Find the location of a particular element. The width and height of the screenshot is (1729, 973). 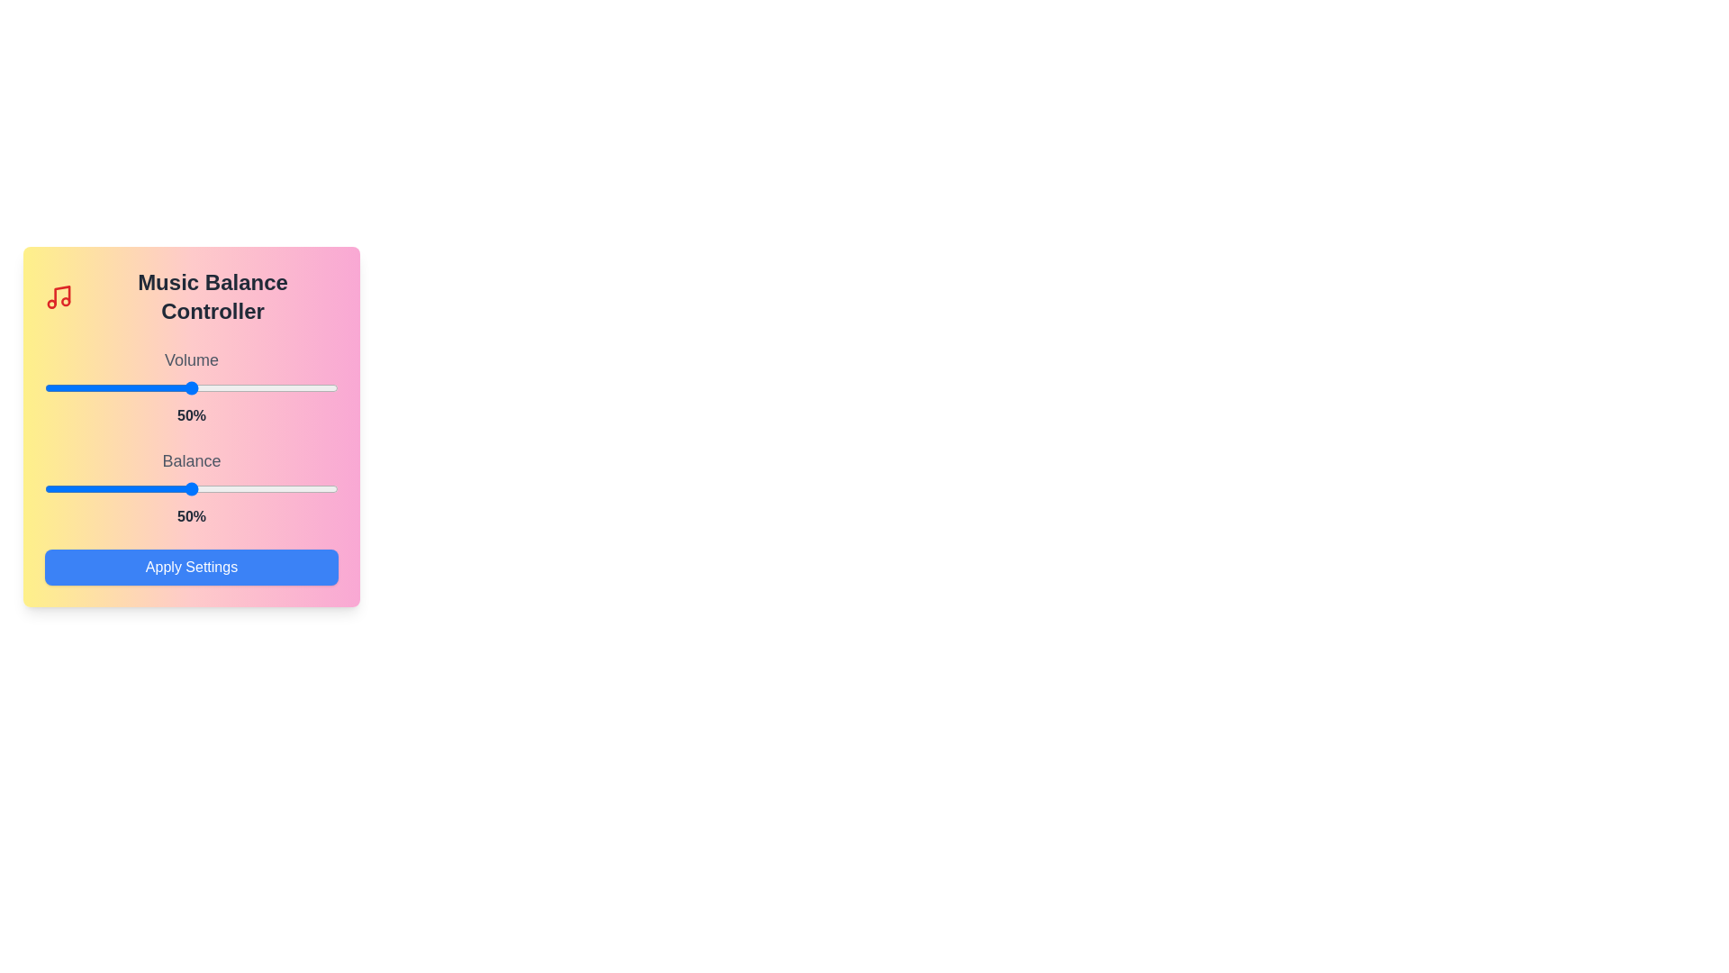

the volume slider to set the volume to 80% is located at coordinates (278, 387).